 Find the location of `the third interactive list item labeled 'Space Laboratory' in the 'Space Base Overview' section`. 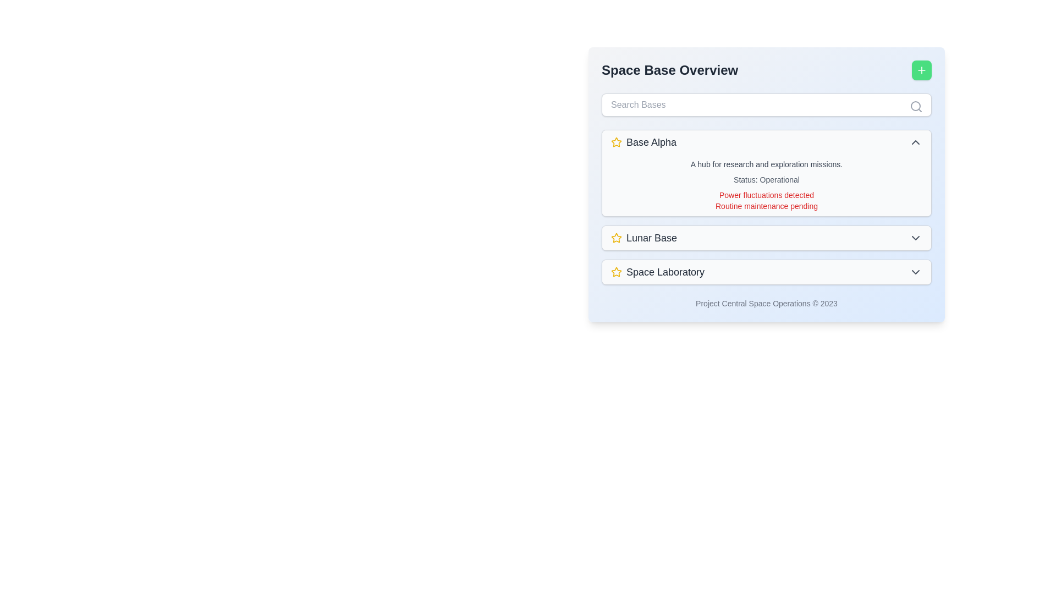

the third interactive list item labeled 'Space Laboratory' in the 'Space Base Overview' section is located at coordinates (766, 272).